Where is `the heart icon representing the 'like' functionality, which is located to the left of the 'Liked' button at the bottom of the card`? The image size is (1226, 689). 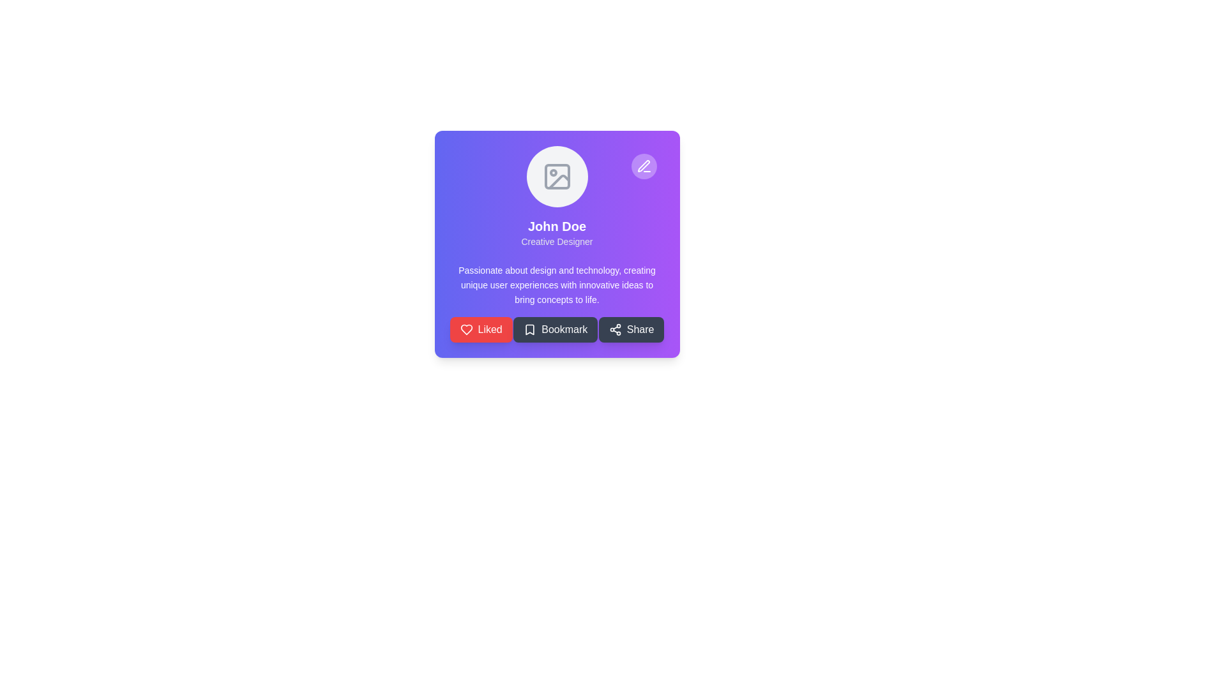 the heart icon representing the 'like' functionality, which is located to the left of the 'Liked' button at the bottom of the card is located at coordinates (465, 329).